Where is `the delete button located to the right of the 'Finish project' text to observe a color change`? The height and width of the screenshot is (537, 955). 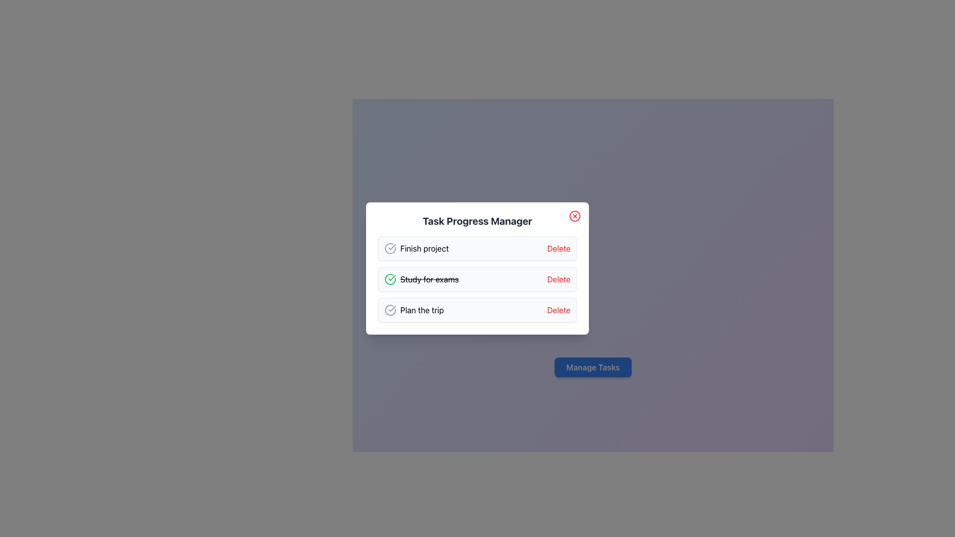 the delete button located to the right of the 'Finish project' text to observe a color change is located at coordinates (559, 248).